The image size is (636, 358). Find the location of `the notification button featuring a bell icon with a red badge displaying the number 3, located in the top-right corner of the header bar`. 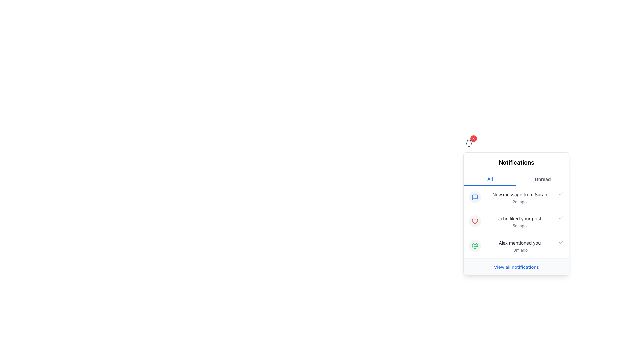

the notification button featuring a bell icon with a red badge displaying the number 3, located in the top-right corner of the header bar is located at coordinates (468, 143).